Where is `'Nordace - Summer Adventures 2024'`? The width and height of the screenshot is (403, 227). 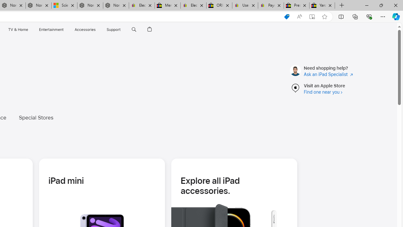 'Nordace - Summer Adventures 2024' is located at coordinates (90, 5).